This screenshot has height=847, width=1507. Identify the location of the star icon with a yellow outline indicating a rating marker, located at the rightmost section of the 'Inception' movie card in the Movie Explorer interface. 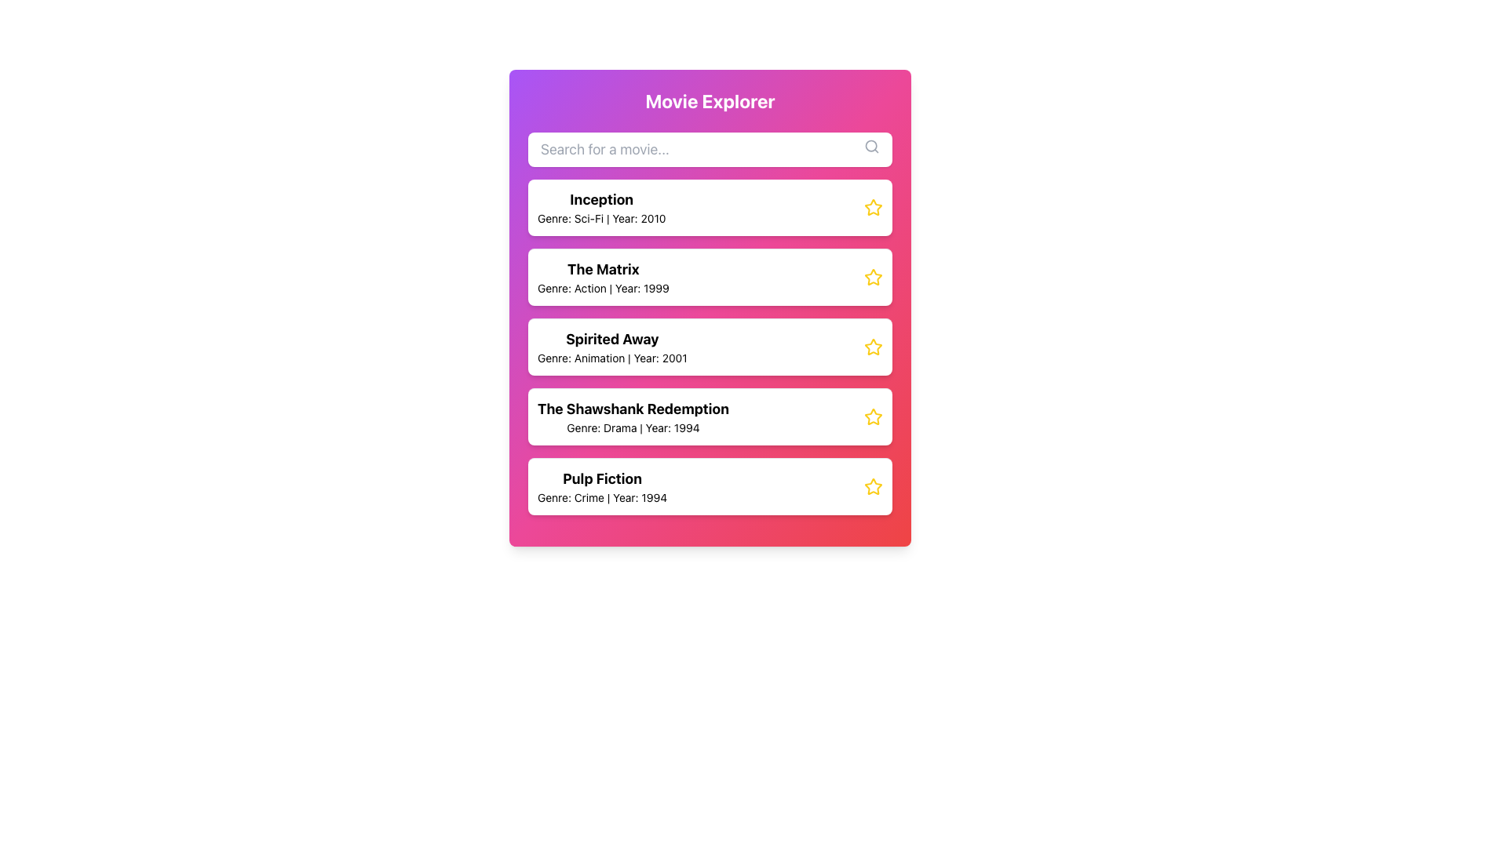
(873, 207).